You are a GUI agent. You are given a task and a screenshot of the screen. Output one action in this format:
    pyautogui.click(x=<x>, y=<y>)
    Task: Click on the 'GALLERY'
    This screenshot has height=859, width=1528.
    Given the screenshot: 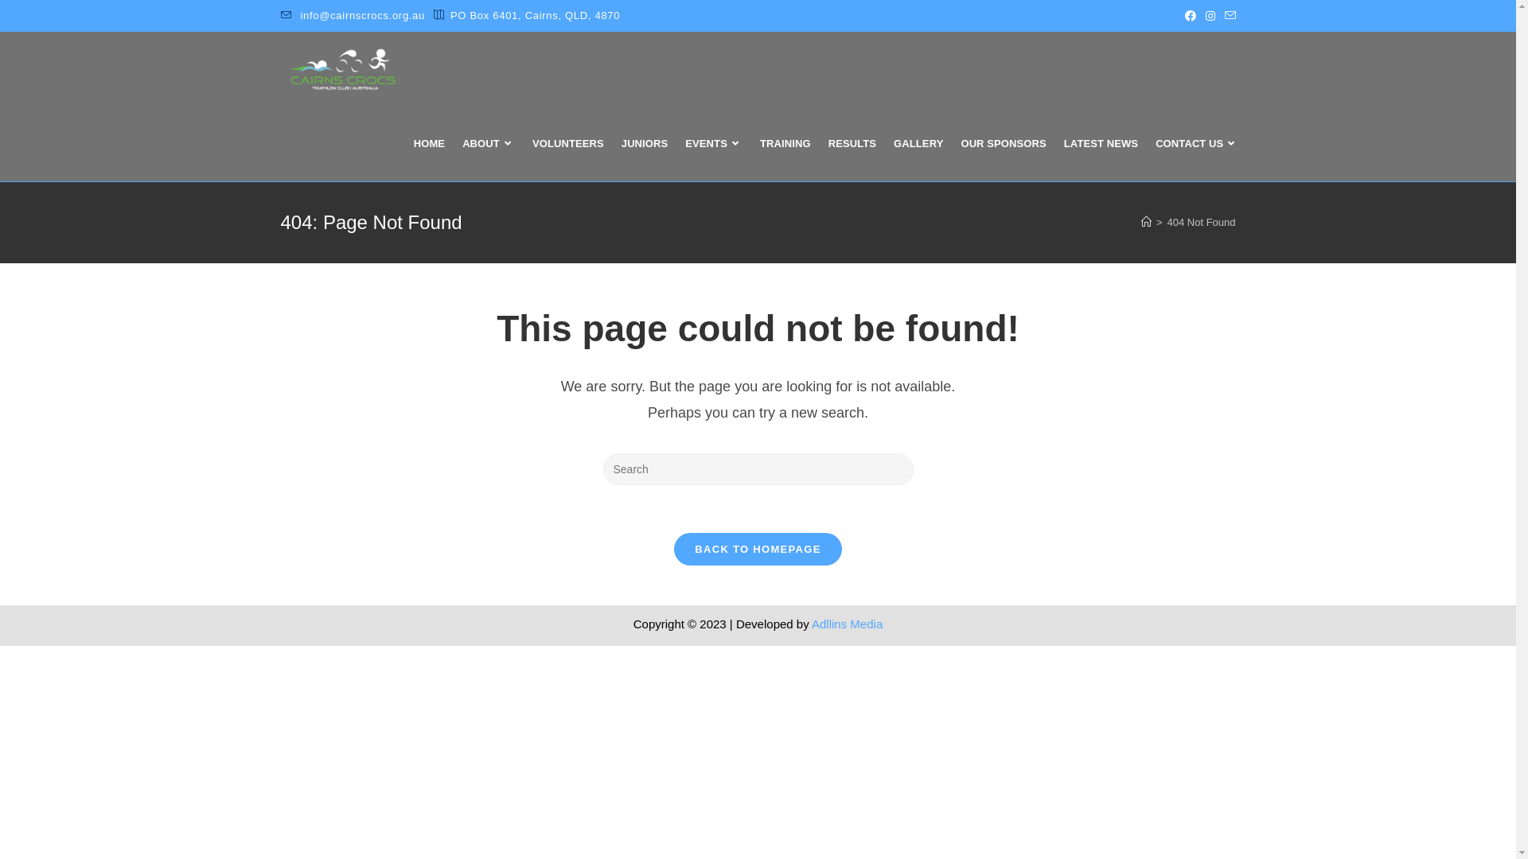 What is the action you would take?
    pyautogui.click(x=918, y=144)
    